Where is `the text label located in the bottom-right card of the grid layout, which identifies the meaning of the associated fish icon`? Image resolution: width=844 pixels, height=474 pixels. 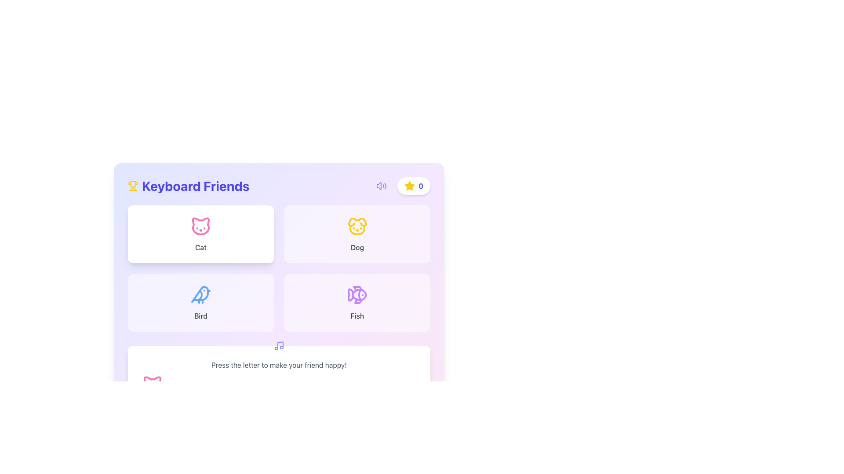 the text label located in the bottom-right card of the grid layout, which identifies the meaning of the associated fish icon is located at coordinates (357, 316).